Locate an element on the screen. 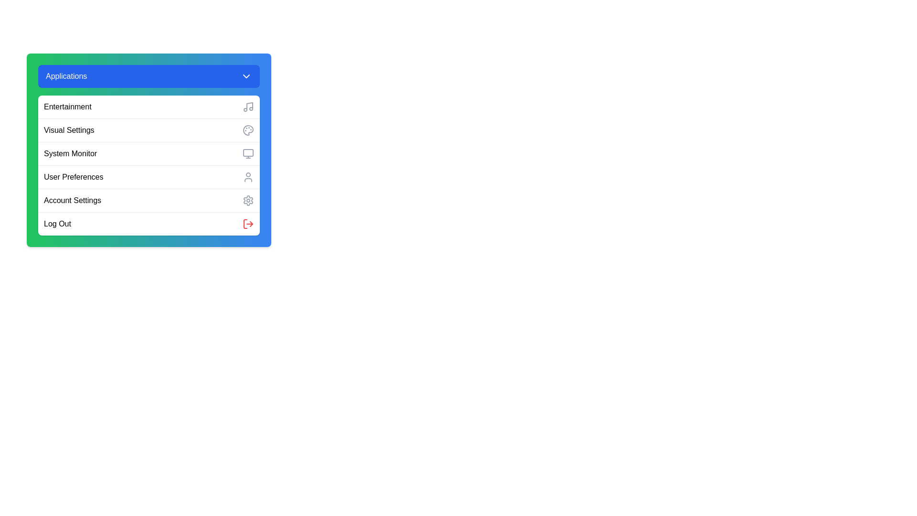 The width and height of the screenshot is (917, 516). the menu option Entertainment from the menu is located at coordinates (149, 107).